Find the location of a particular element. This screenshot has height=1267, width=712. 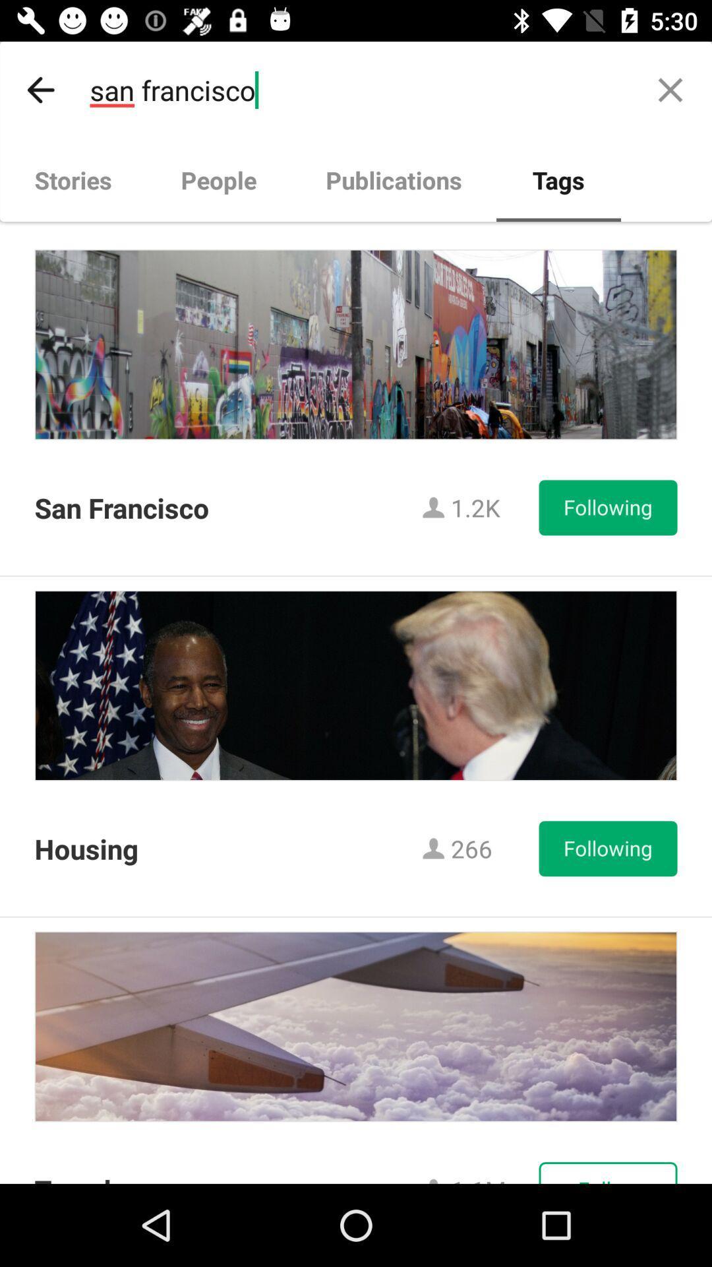

item next to san francisco item is located at coordinates (40, 89).